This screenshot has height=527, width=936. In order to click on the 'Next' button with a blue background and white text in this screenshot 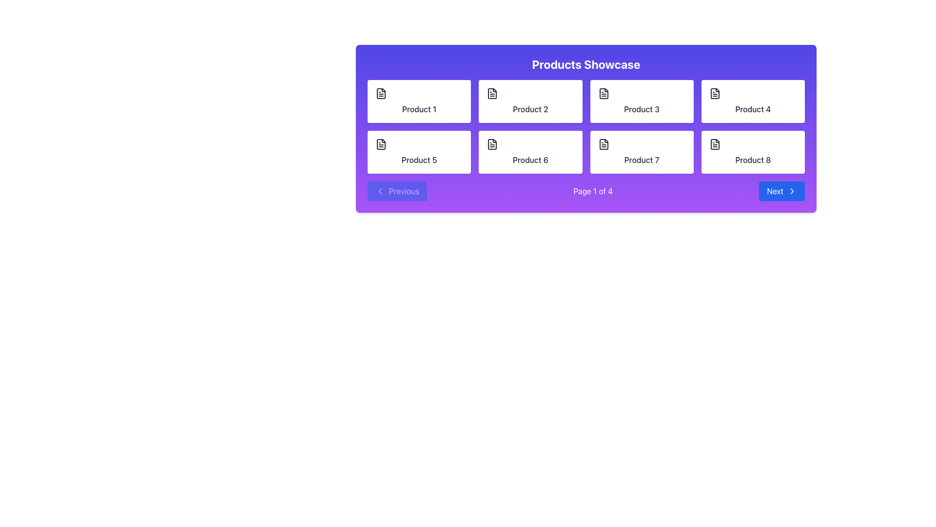, I will do `click(782, 191)`.